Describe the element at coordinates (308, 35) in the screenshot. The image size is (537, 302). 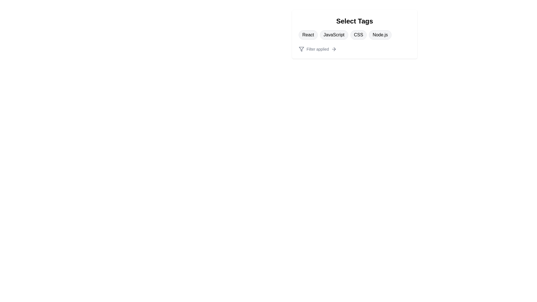
I see `the 'React' button located at the top-right corner of the interface` at that location.